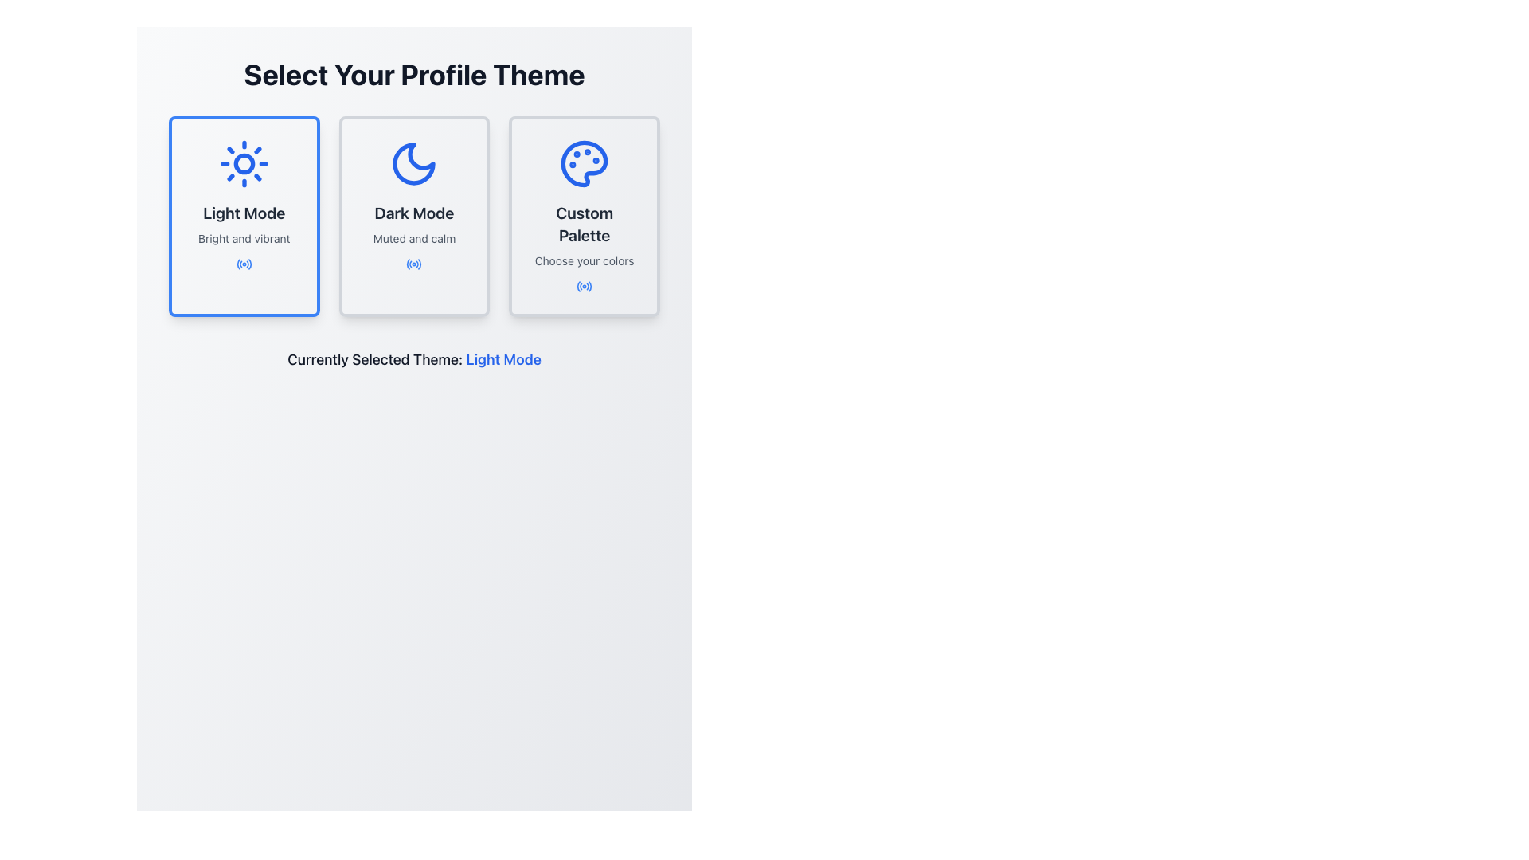 The image size is (1529, 860). What do you see at coordinates (243, 163) in the screenshot?
I see `the sun icon representing 'Light Mode', located at the top center of the 'Light Mode' card, which is the first card from the left` at bounding box center [243, 163].